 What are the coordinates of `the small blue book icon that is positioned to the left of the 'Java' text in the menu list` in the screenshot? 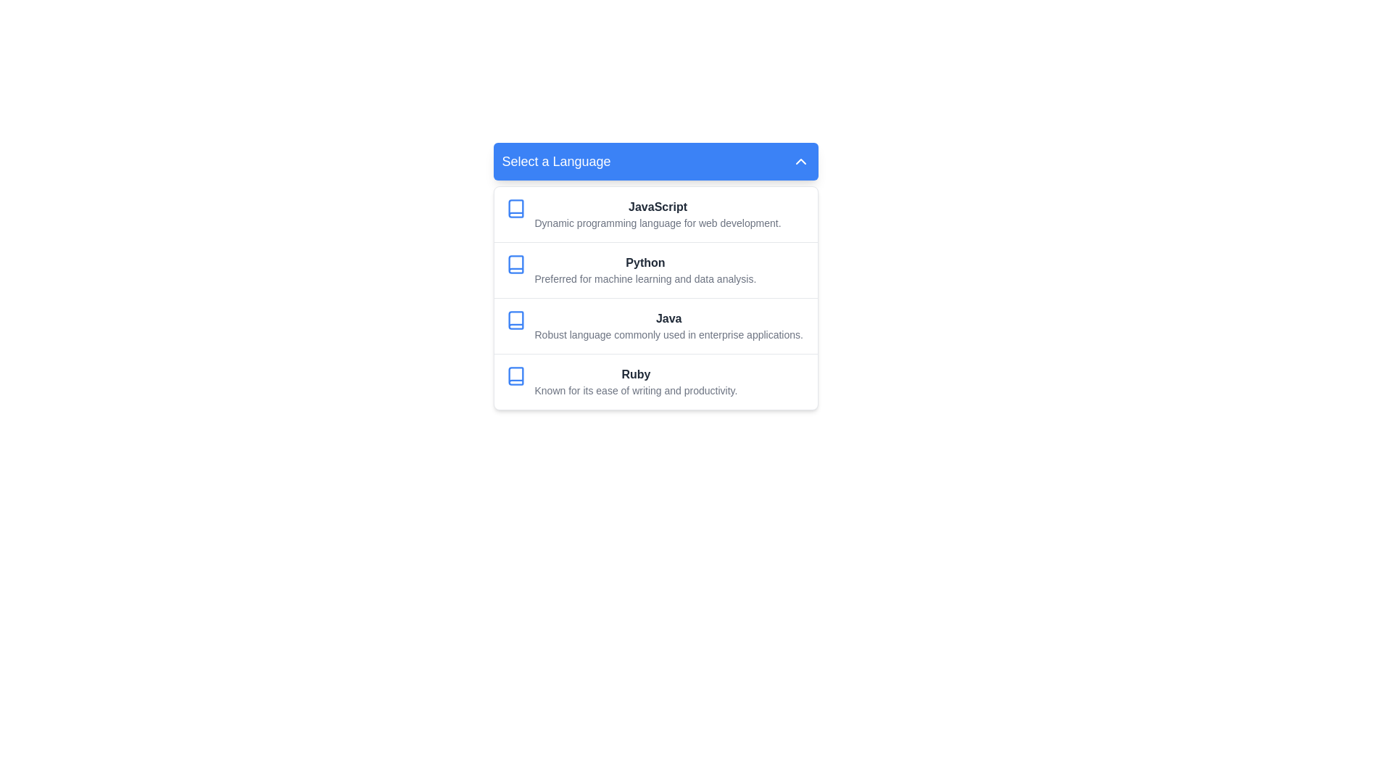 It's located at (515, 320).